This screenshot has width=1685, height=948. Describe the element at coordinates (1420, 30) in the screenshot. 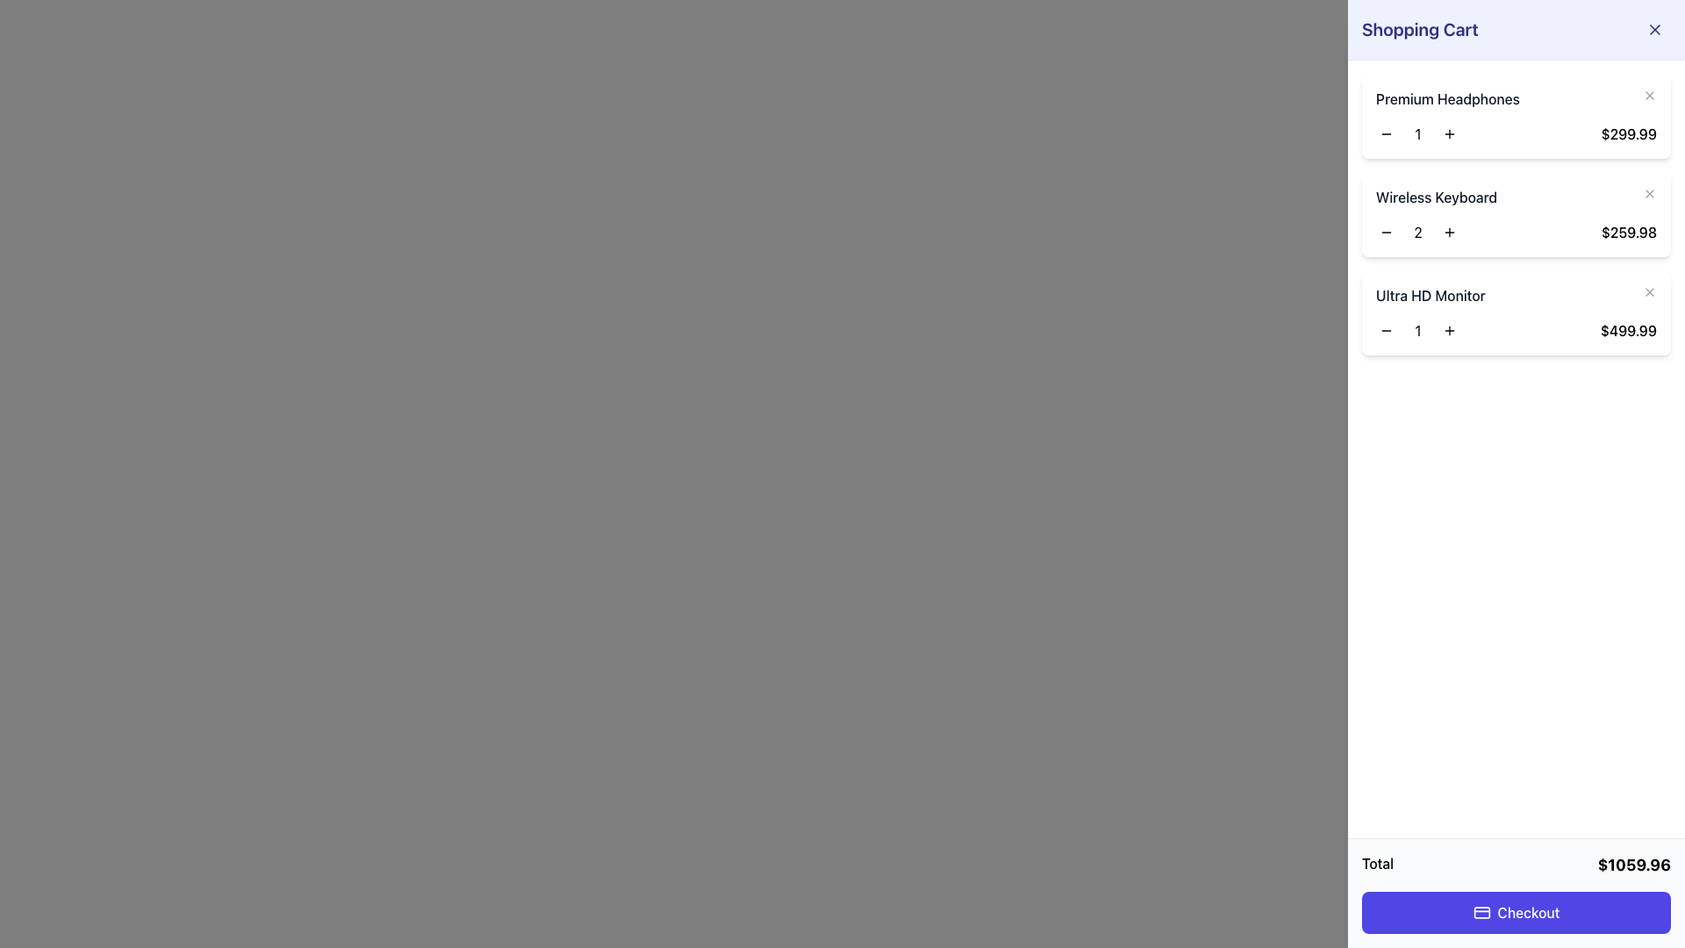

I see `the 'Shopping Cart' text header element, which is a prominent and bold text element located at the top-left corner of the shopping cart side panel` at that location.